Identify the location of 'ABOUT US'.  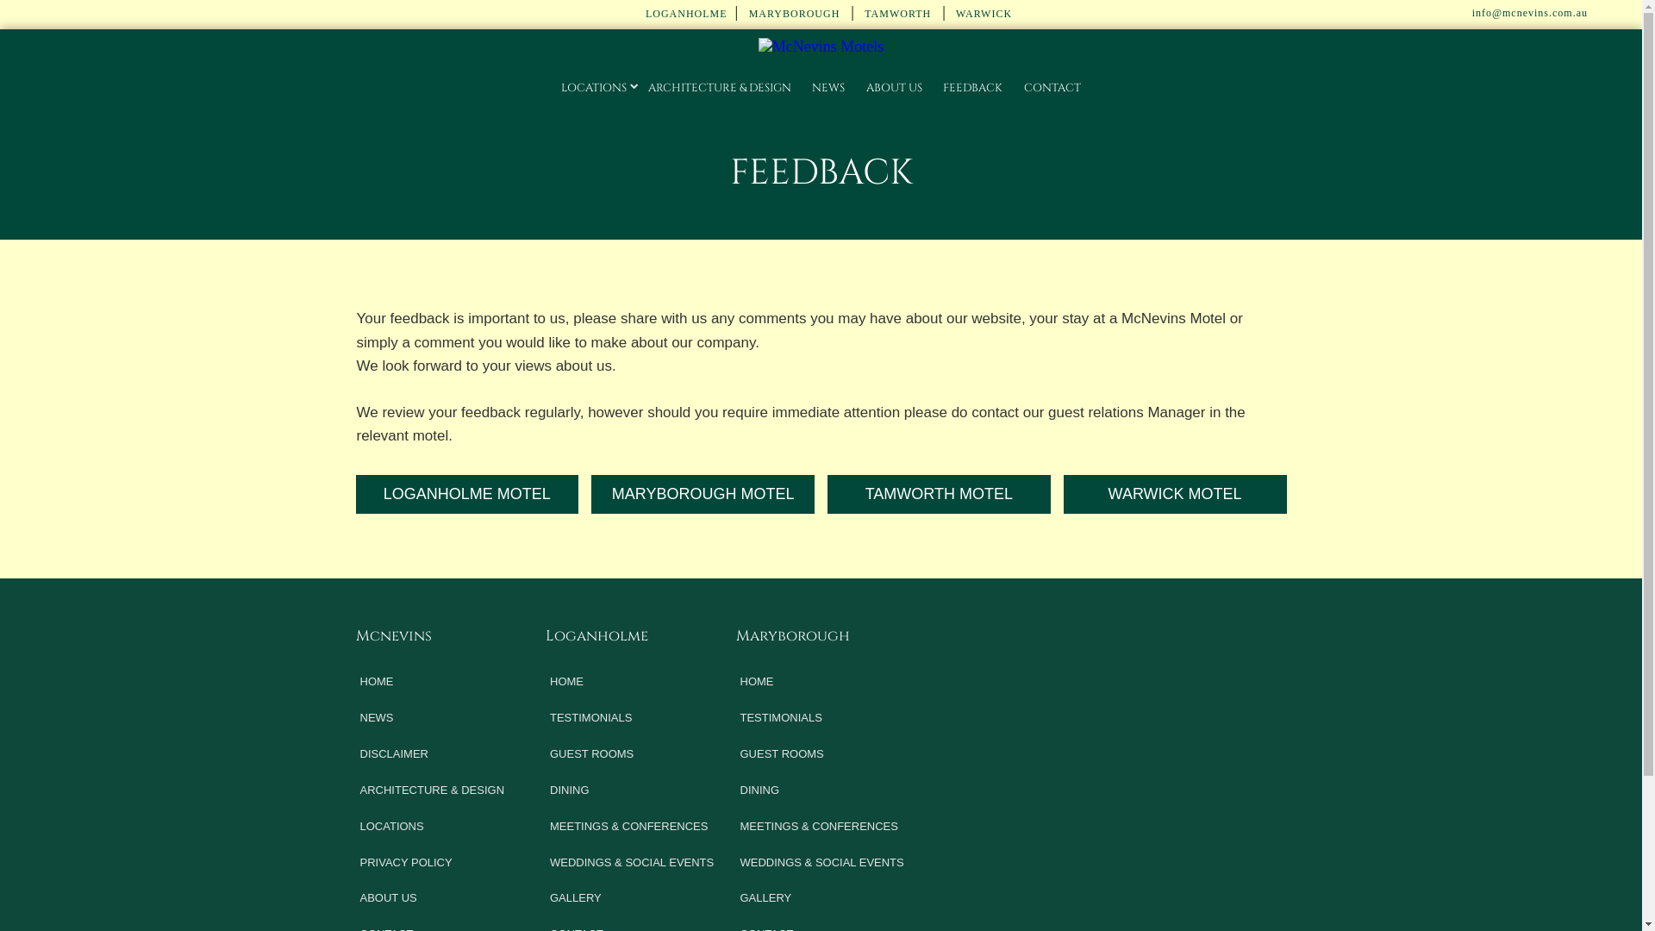
(434, 897).